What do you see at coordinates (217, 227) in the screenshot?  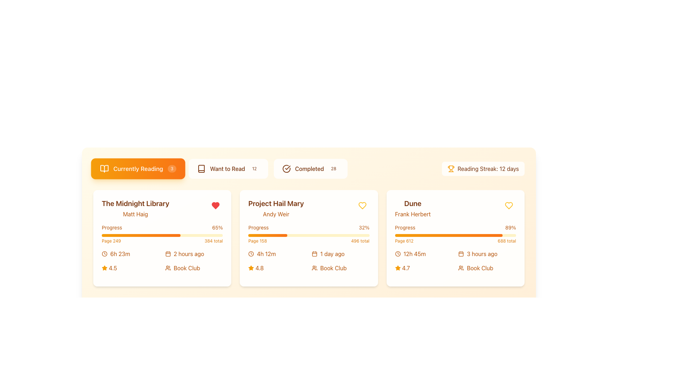 I see `the static text label that displays the completion percentage for 'The Midnight Library' book's progress, positioned to the right of the 'Progress' label and above the progress bar` at bounding box center [217, 227].